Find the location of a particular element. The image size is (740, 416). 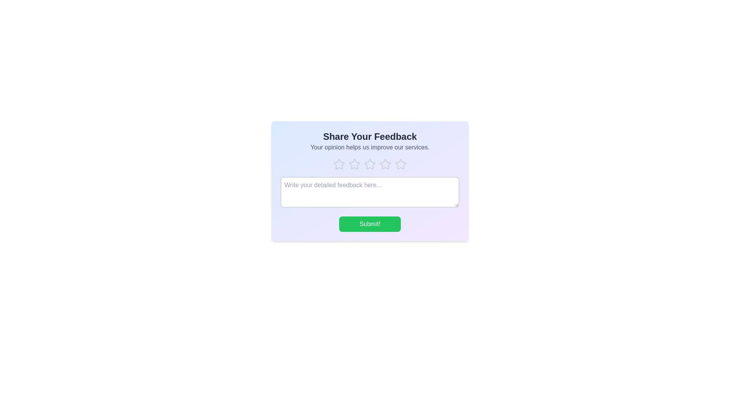

the submit button to submit the feedback is located at coordinates (370, 224).